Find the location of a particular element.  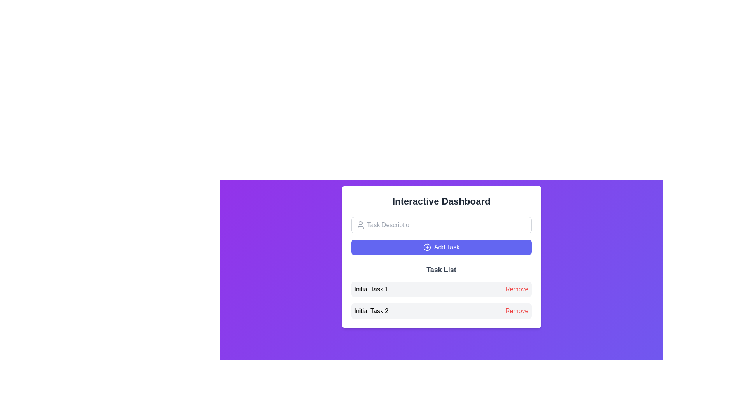

the 'Add Task' button located under the 'Task Description' input field and above the 'Task List' section in the 'Interactive Dashboard' panel is located at coordinates (441, 247).